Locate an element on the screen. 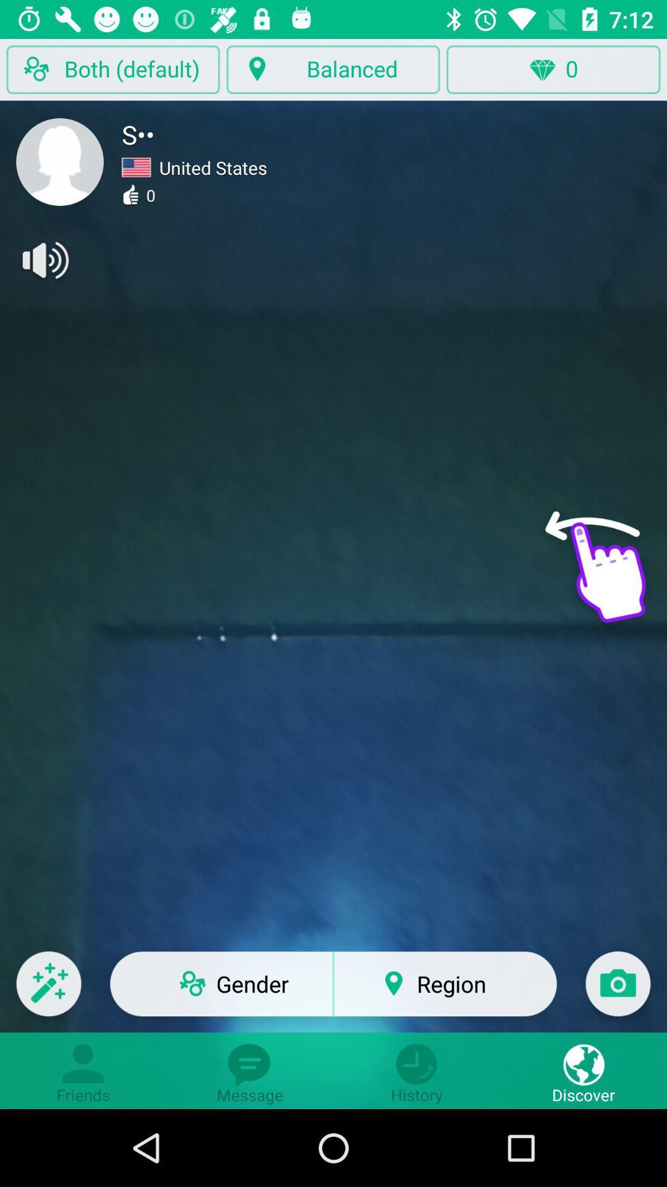  the avatar icon is located at coordinates (60, 161).